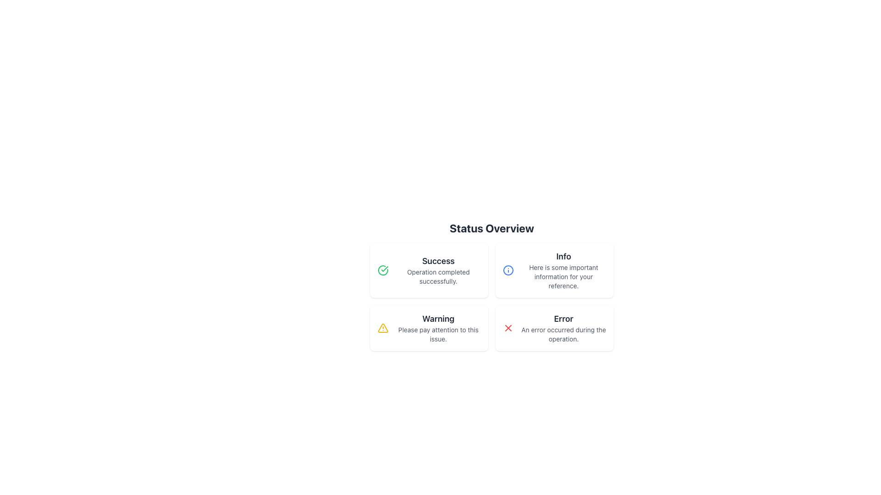 Image resolution: width=881 pixels, height=495 pixels. I want to click on cautionary text located directly below the 'Warning' heading in the bottom-left section of the 'Status Overview' grid, so click(438, 334).